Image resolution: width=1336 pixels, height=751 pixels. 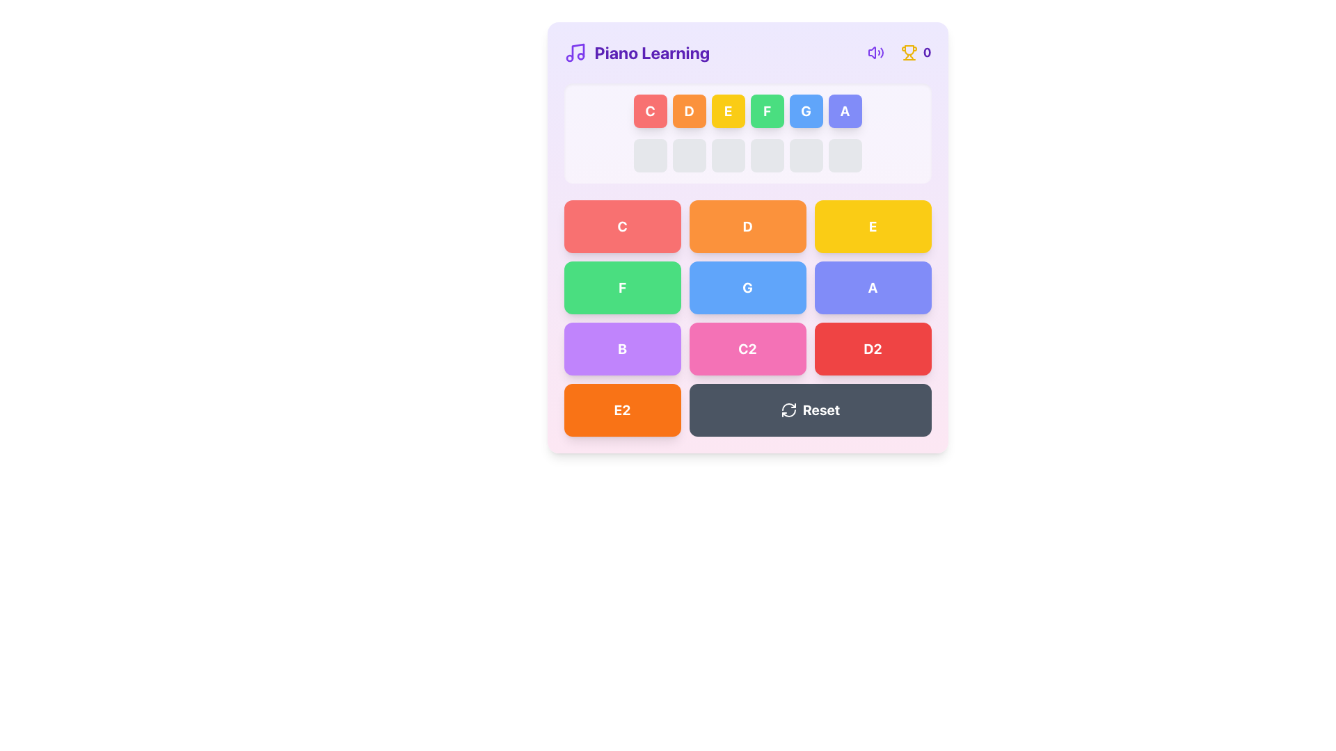 What do you see at coordinates (766, 155) in the screenshot?
I see `the fourth button in a horizontally organized group of six buttons located beneath the 'Piano Learning' section` at bounding box center [766, 155].